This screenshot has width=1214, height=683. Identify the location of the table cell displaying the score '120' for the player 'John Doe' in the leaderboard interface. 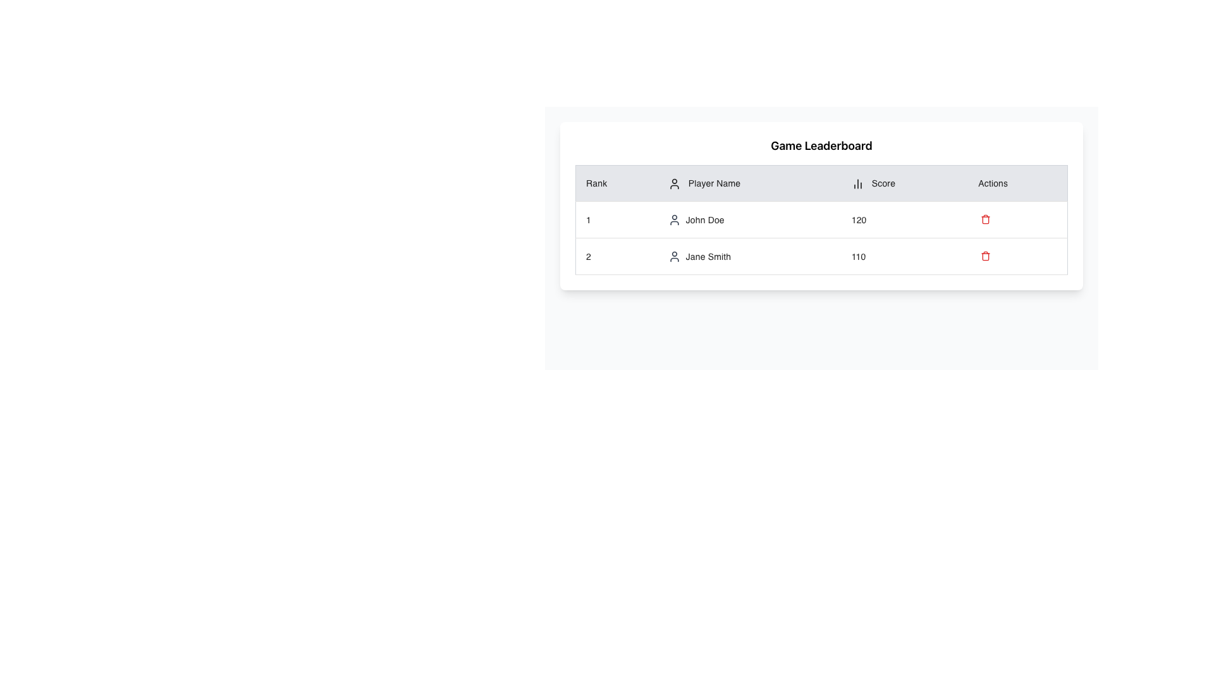
(904, 219).